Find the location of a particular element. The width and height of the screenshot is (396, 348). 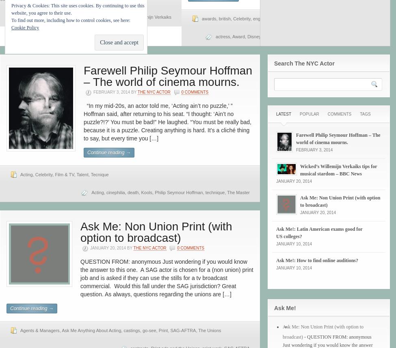

'castings' is located at coordinates (131, 330).